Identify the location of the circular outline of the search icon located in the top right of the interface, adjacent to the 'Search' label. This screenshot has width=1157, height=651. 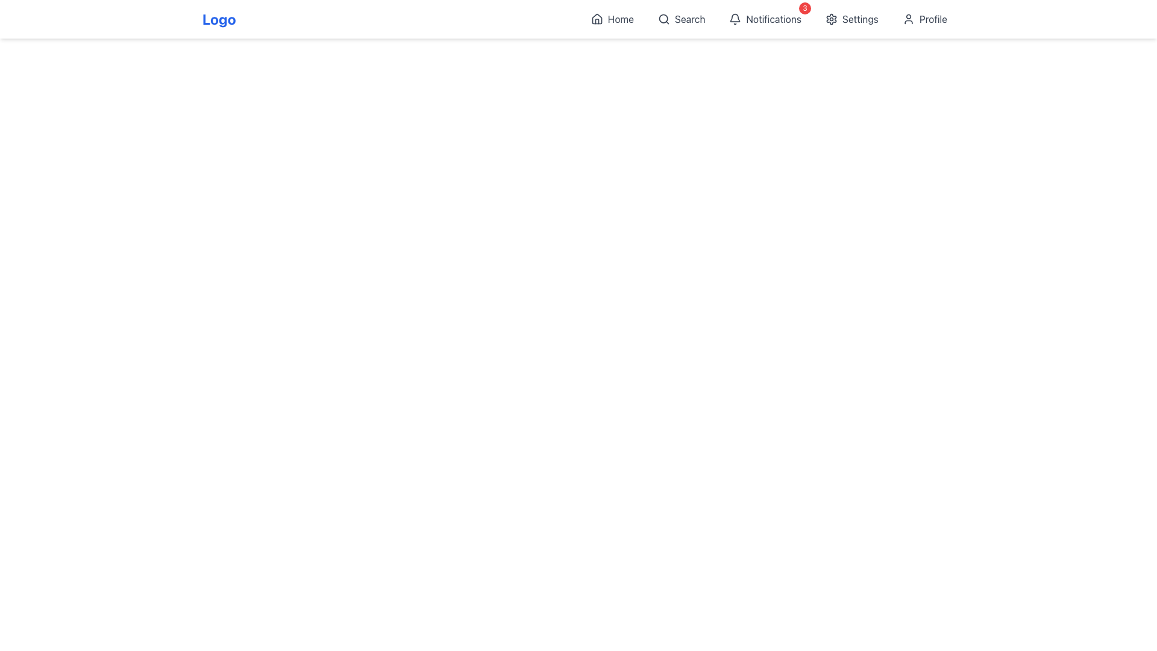
(663, 19).